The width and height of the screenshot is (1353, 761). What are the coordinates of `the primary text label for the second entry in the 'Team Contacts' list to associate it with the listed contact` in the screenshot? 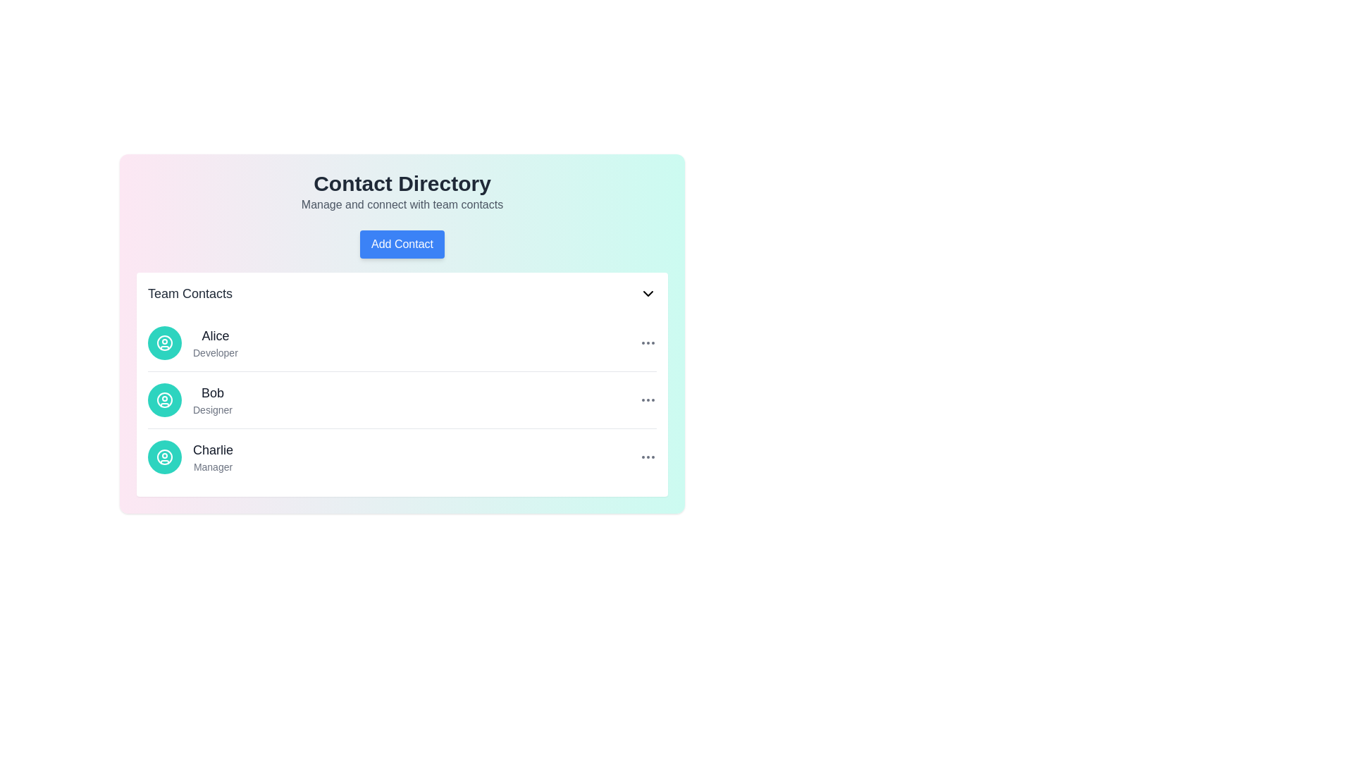 It's located at (212, 393).